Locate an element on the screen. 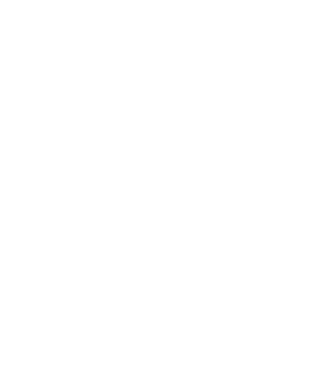 Image resolution: width=335 pixels, height=374 pixels. 'Fourier Audio, which joined forces with DiGiCo earlier this month, has launched its new transform.engine at AES 2023.' is located at coordinates (80, 243).